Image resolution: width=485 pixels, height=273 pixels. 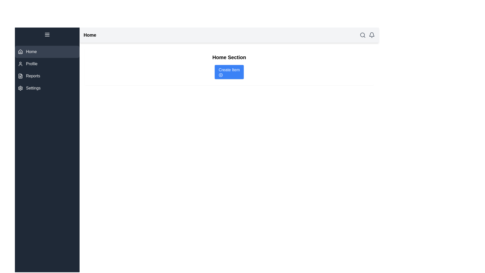 I want to click on the roof part of the house icon located, so click(x=20, y=52).